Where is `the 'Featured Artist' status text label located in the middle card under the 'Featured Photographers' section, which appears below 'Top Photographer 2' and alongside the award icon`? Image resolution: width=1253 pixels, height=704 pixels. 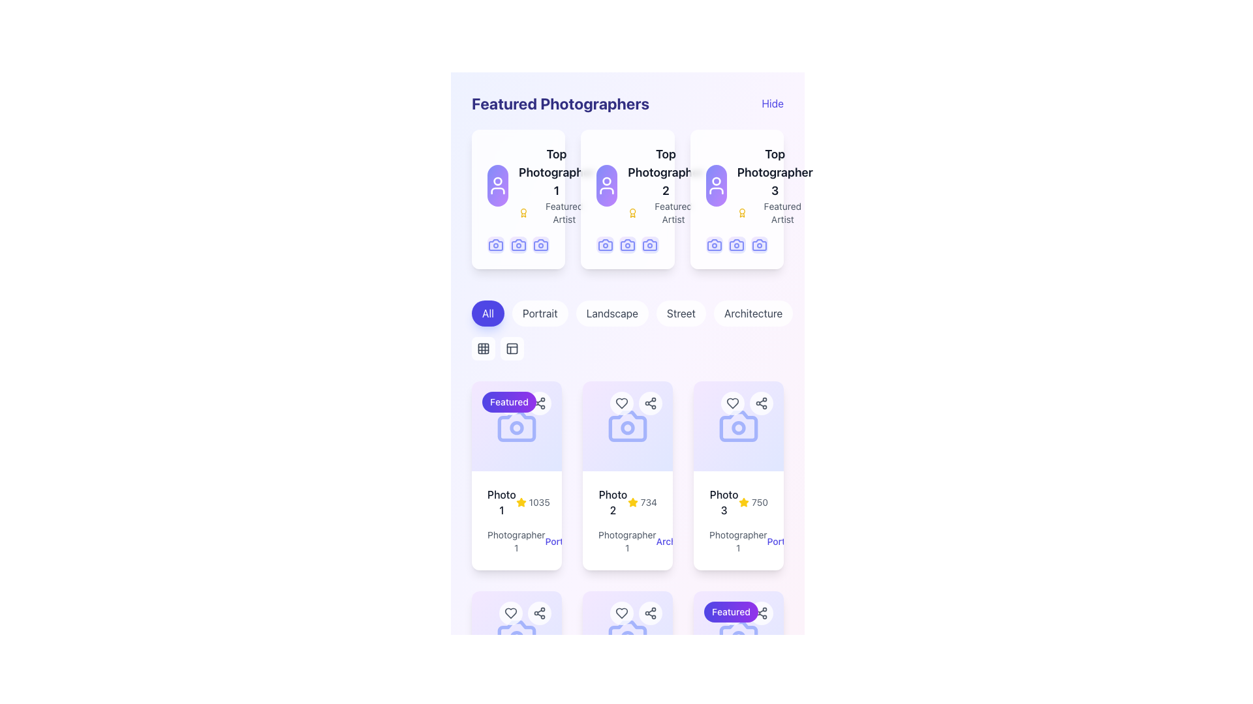
the 'Featured Artist' status text label located in the middle card under the 'Featured Photographers' section, which appears below 'Top Photographer 2' and alongside the award icon is located at coordinates (666, 213).